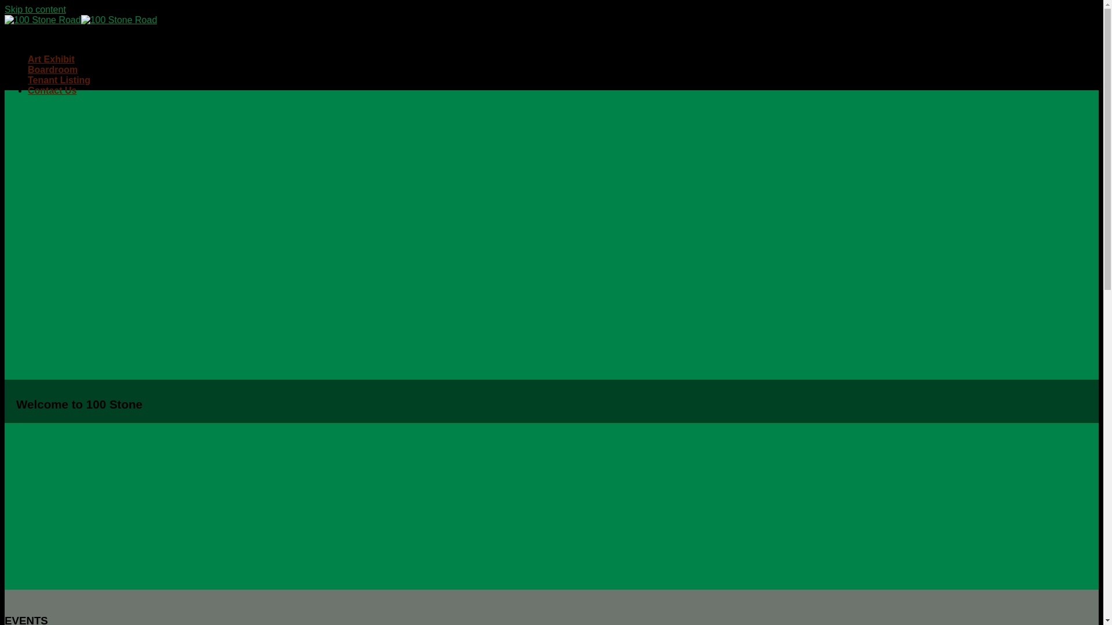  What do you see at coordinates (52, 69) in the screenshot?
I see `'Boardroom'` at bounding box center [52, 69].